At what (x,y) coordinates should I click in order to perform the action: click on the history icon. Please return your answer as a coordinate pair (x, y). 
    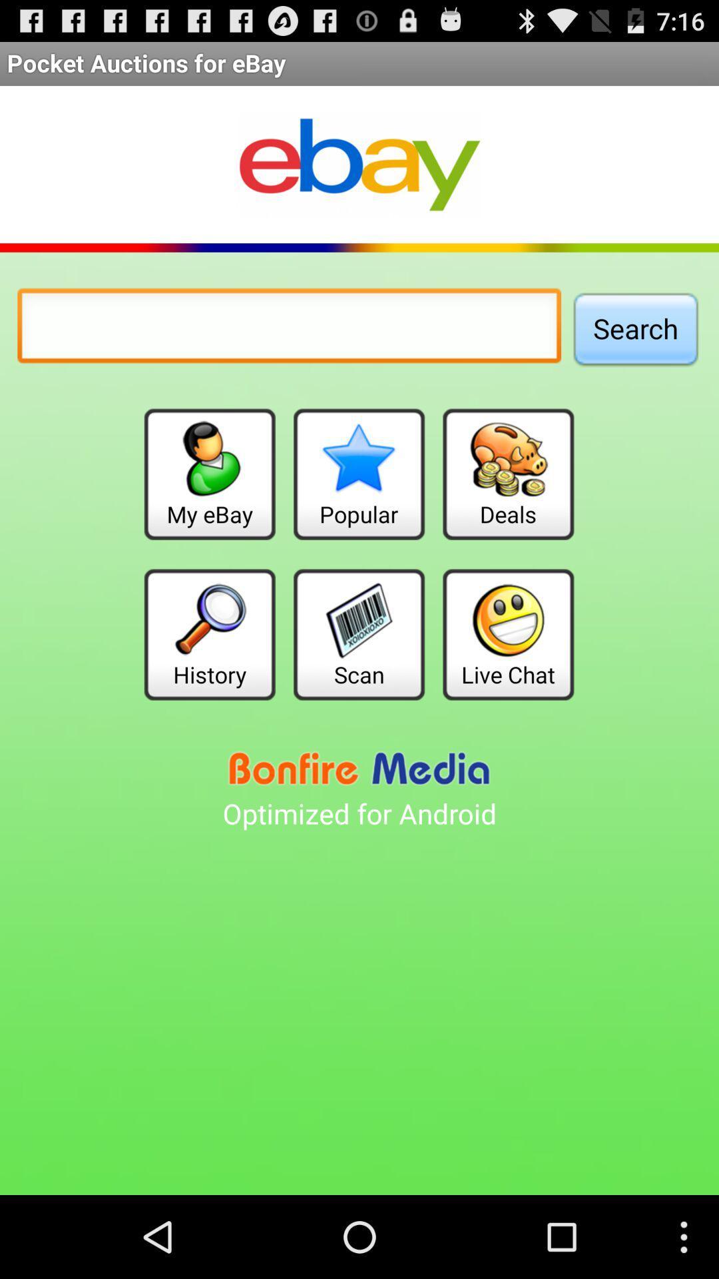
    Looking at the image, I should click on (210, 634).